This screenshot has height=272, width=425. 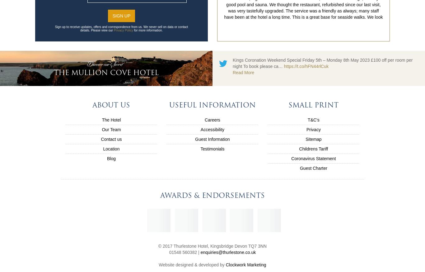 I want to click on 'T&C's', so click(x=313, y=119).